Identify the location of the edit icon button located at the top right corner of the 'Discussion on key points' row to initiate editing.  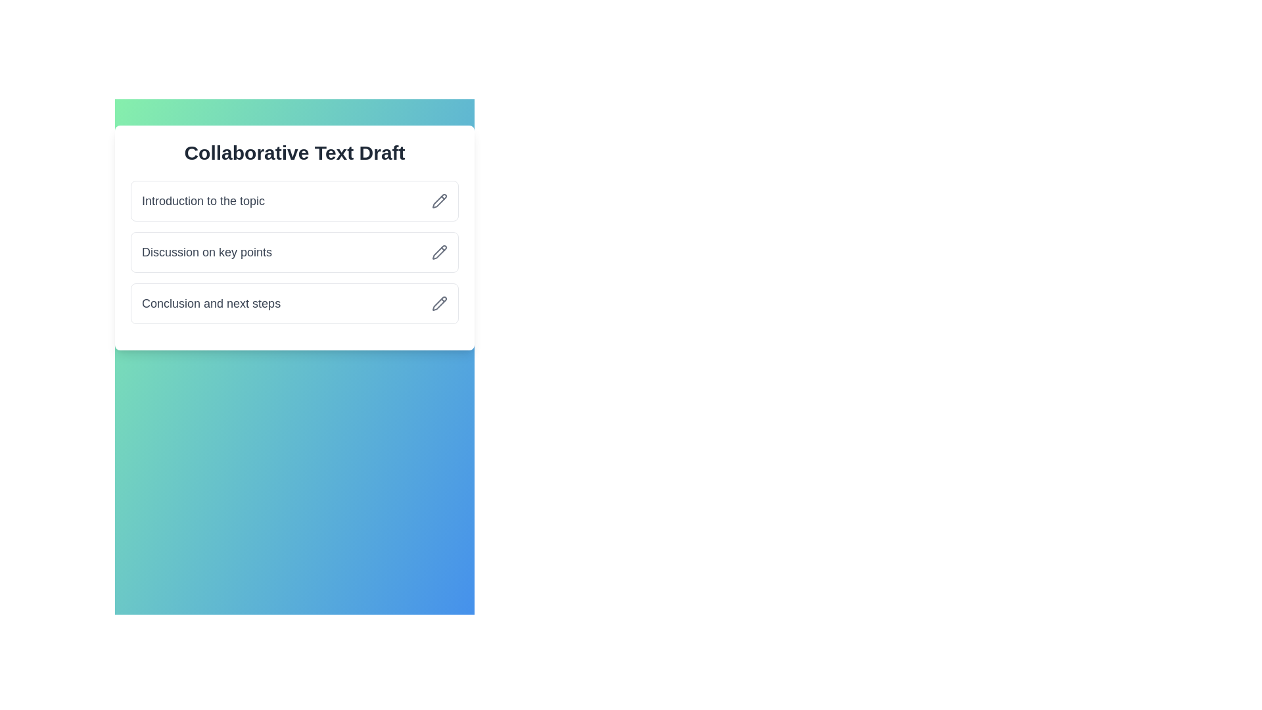
(439, 252).